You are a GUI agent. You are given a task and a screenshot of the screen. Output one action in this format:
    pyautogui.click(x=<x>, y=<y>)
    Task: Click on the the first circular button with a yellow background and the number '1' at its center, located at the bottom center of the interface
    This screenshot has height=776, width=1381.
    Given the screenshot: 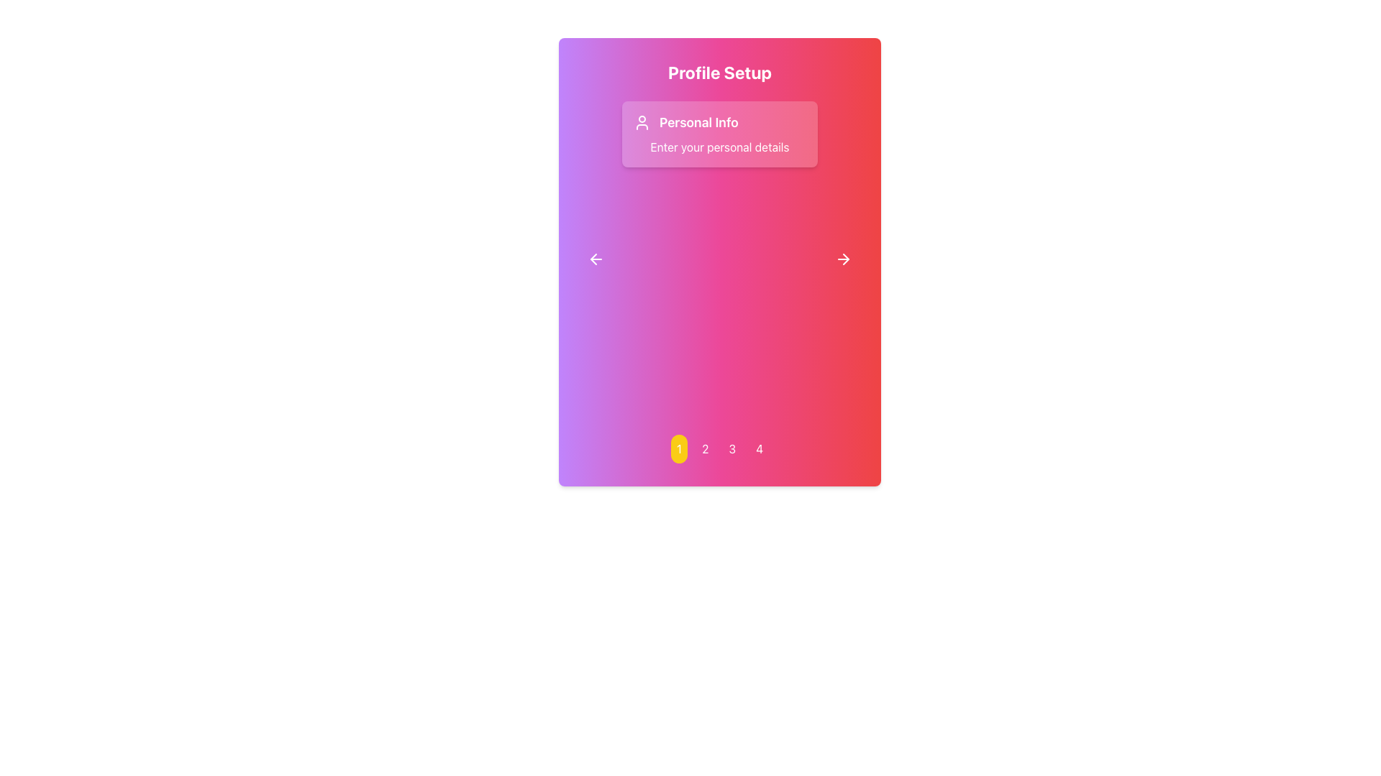 What is the action you would take?
    pyautogui.click(x=678, y=448)
    